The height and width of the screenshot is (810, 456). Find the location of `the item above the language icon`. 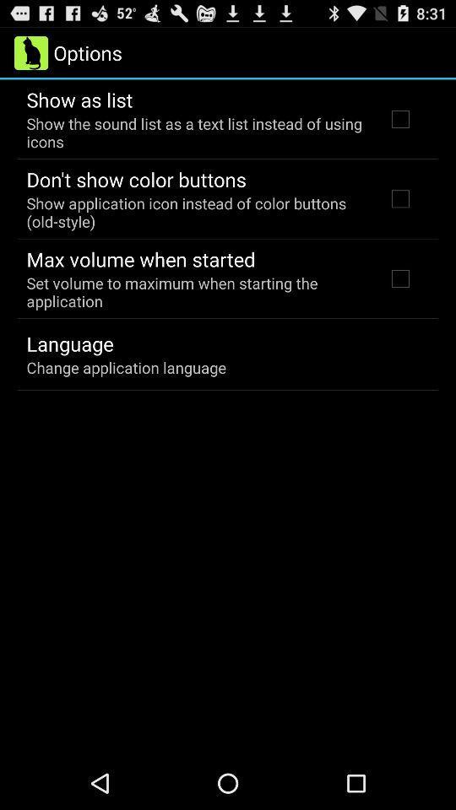

the item above the language icon is located at coordinates (194, 292).